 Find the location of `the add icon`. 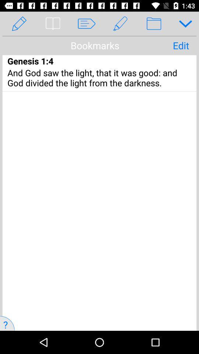

the add icon is located at coordinates (162, 19).